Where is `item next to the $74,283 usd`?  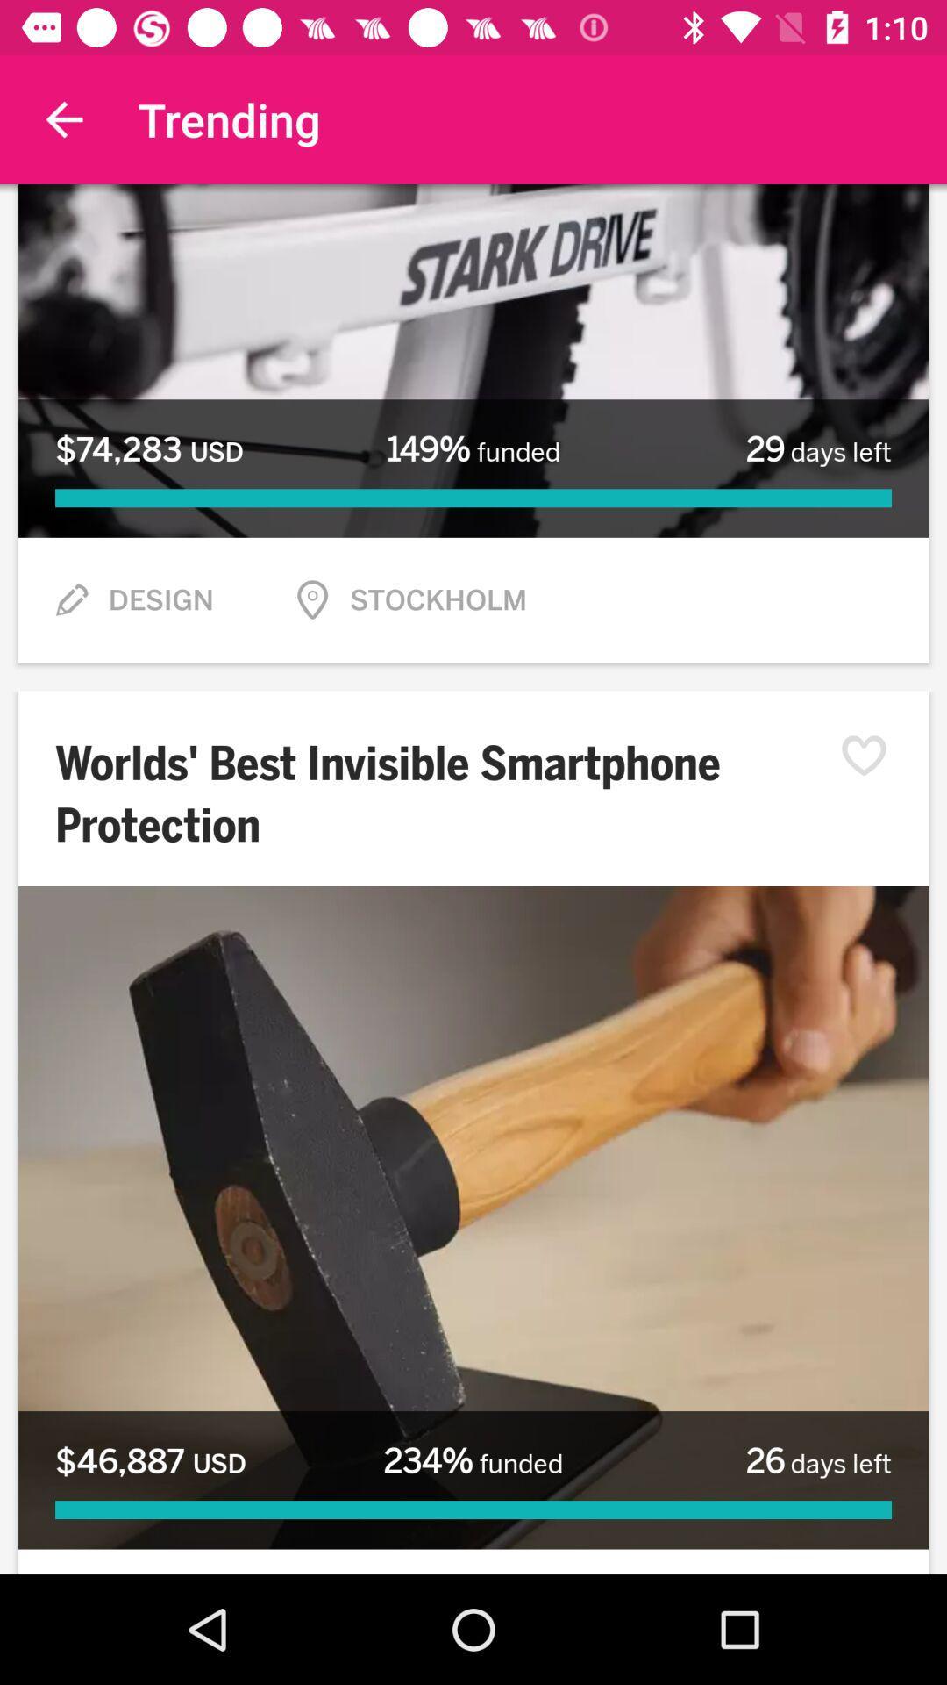 item next to the $74,283 usd is located at coordinates (473, 449).